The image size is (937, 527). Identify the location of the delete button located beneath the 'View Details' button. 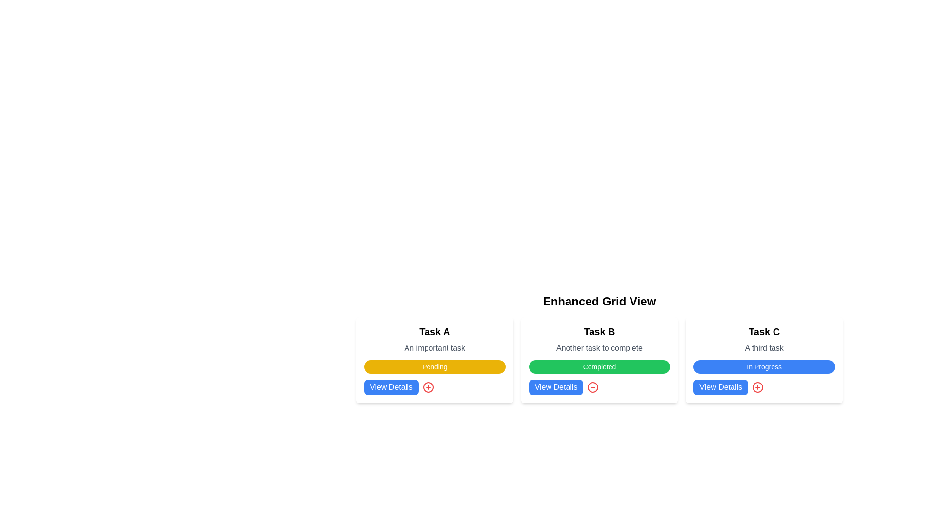
(592, 387).